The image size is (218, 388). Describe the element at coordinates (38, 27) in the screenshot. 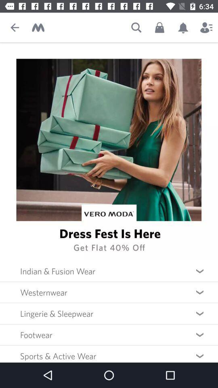

I see `return to home page` at that location.